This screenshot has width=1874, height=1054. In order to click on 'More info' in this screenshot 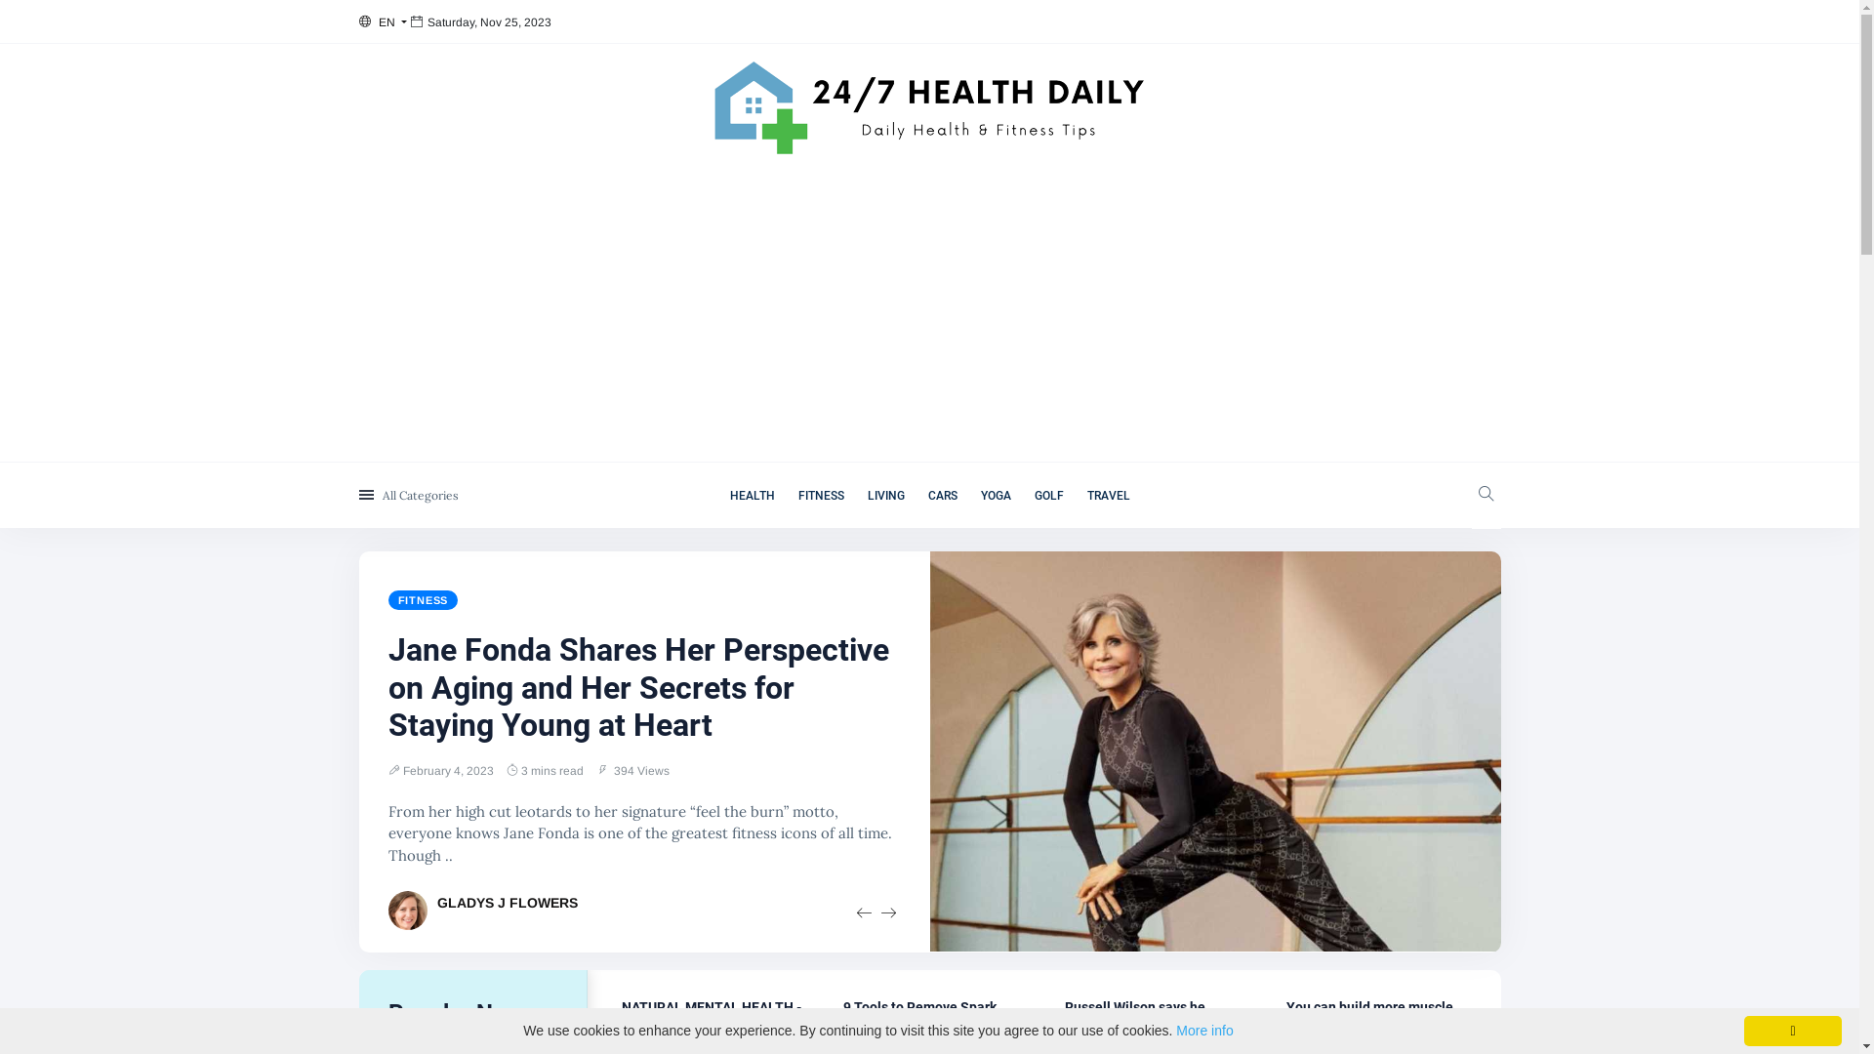, I will do `click(1202, 1030)`.